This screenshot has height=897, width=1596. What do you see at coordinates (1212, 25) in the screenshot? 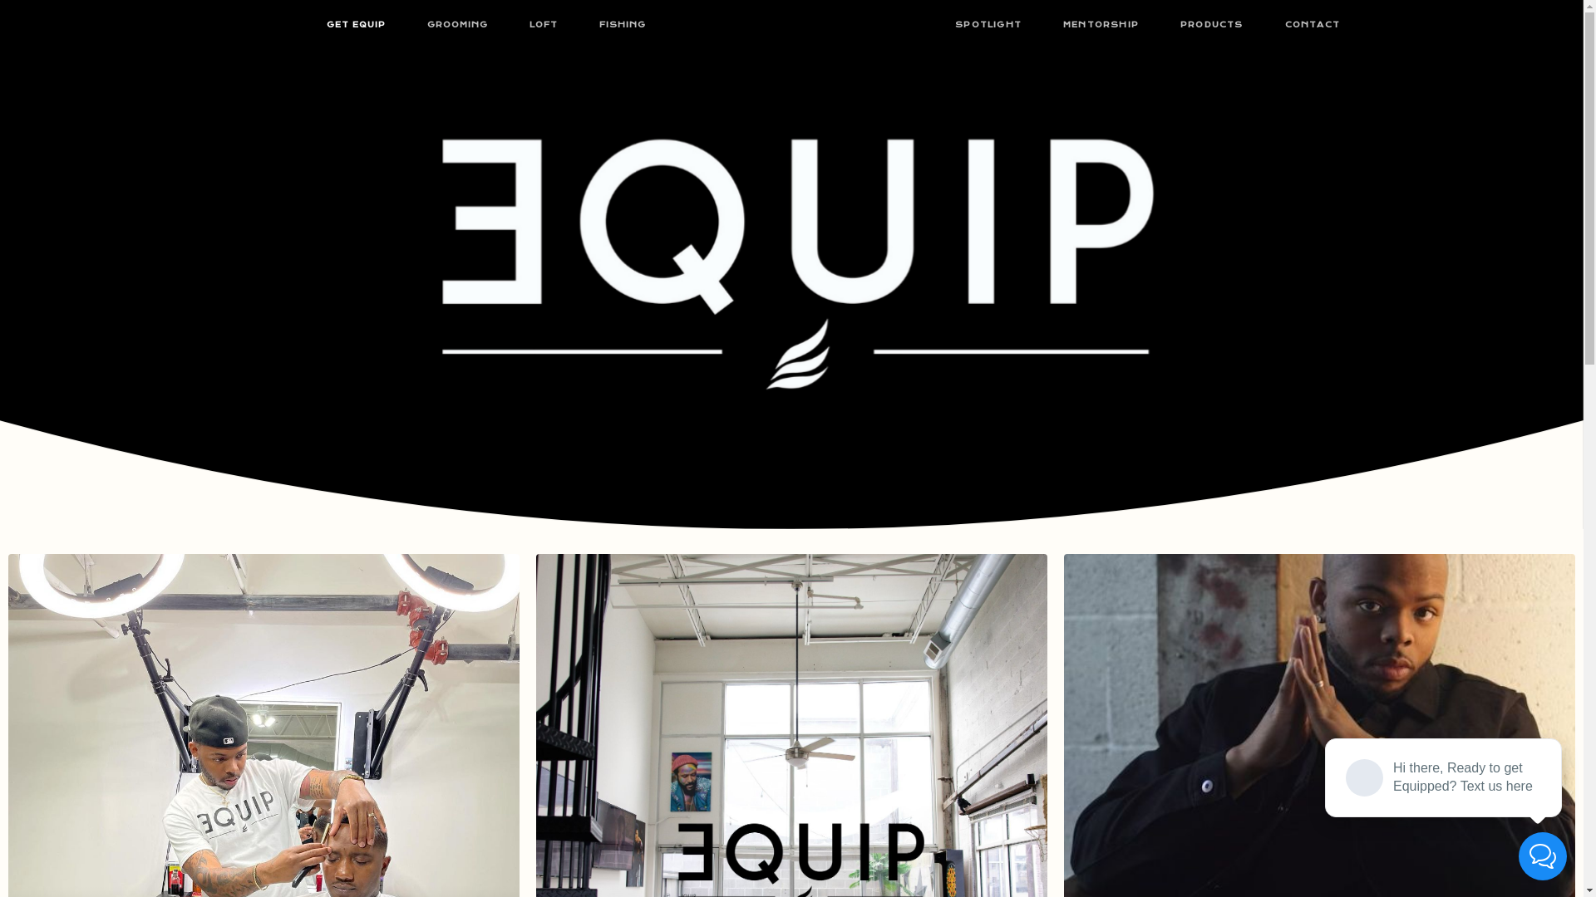
I see `'PRODUCTS'` at bounding box center [1212, 25].